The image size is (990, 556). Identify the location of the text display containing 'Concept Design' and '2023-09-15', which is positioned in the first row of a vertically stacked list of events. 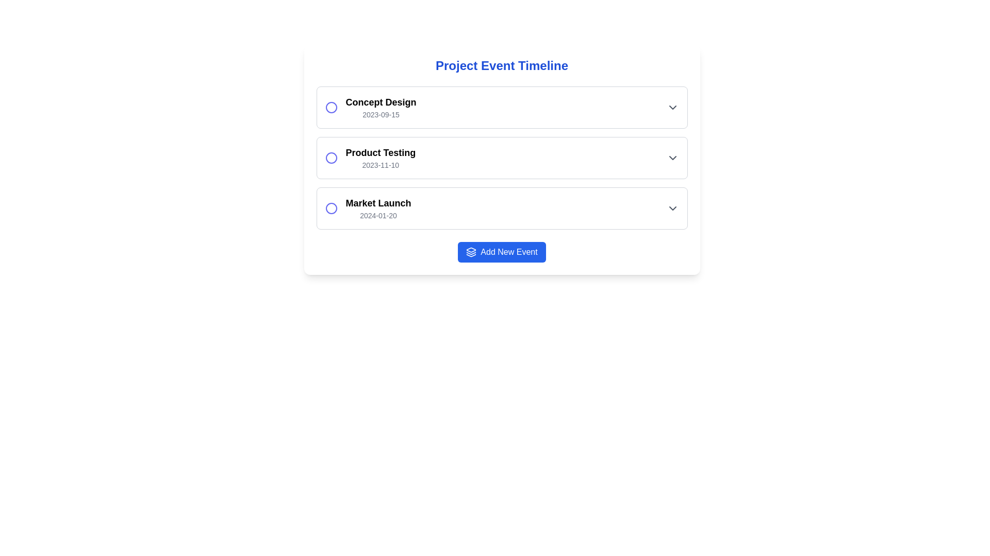
(381, 107).